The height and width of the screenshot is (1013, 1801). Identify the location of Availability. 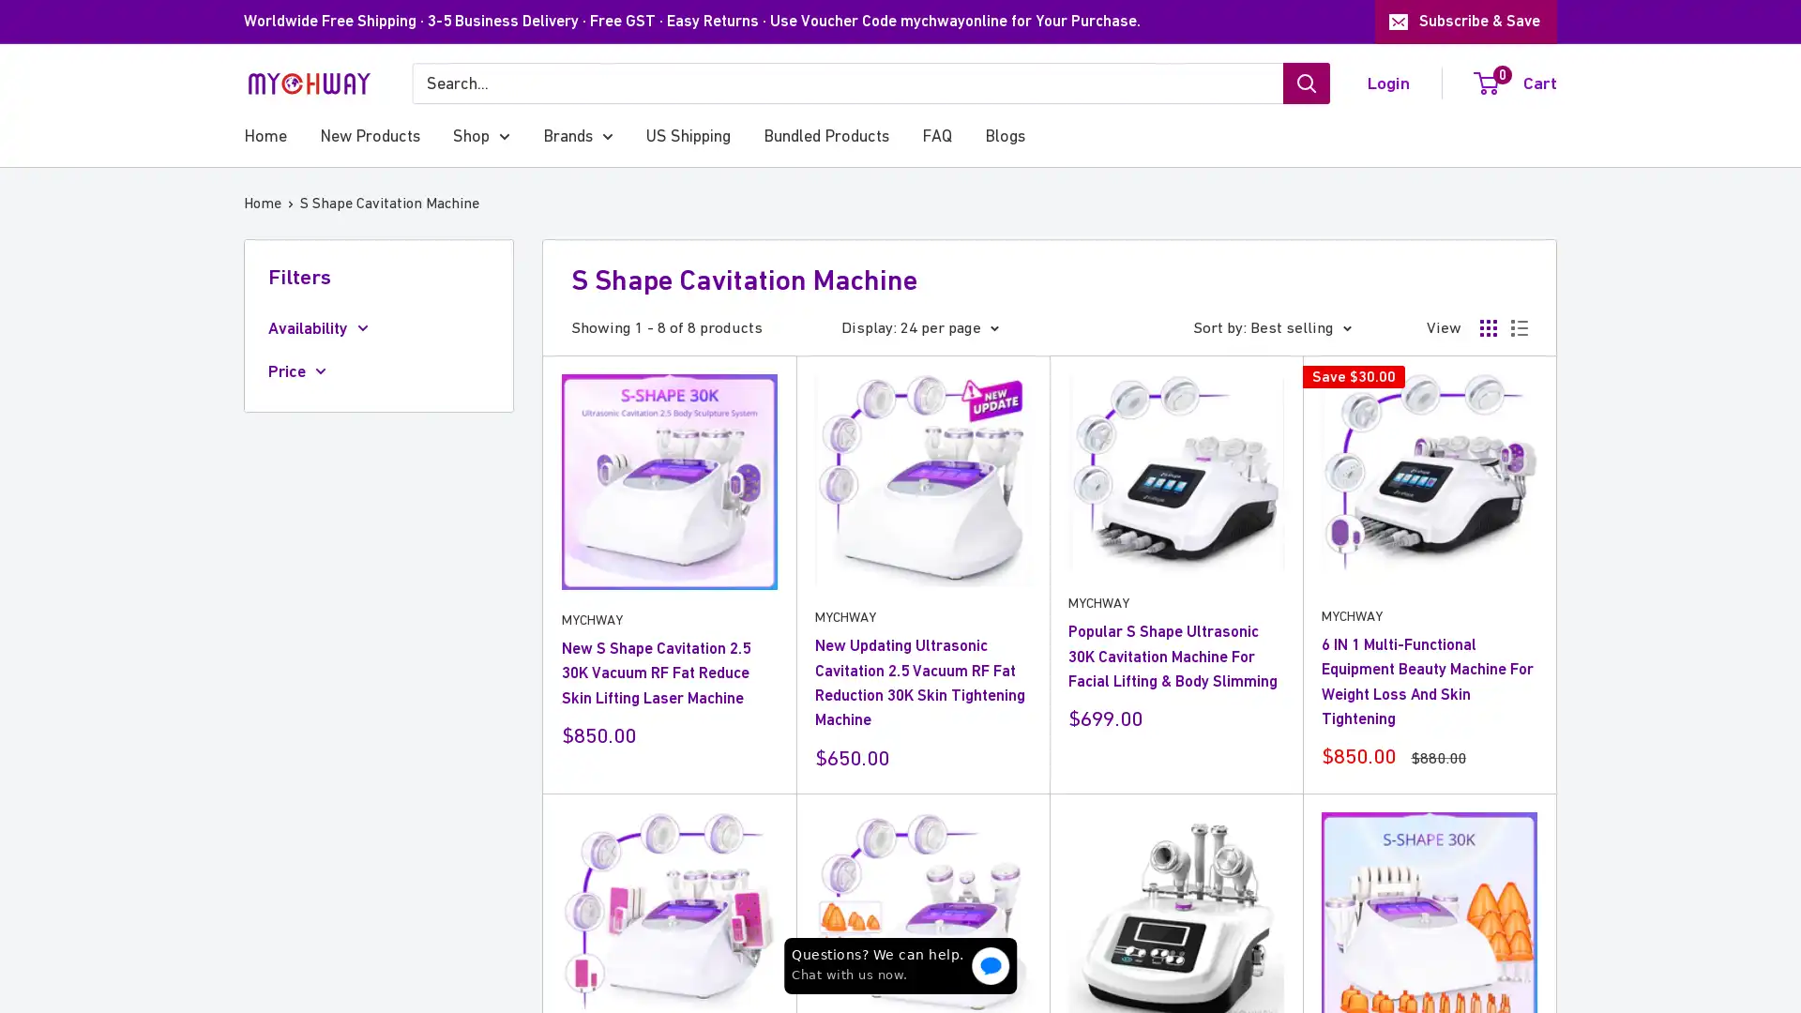
(377, 327).